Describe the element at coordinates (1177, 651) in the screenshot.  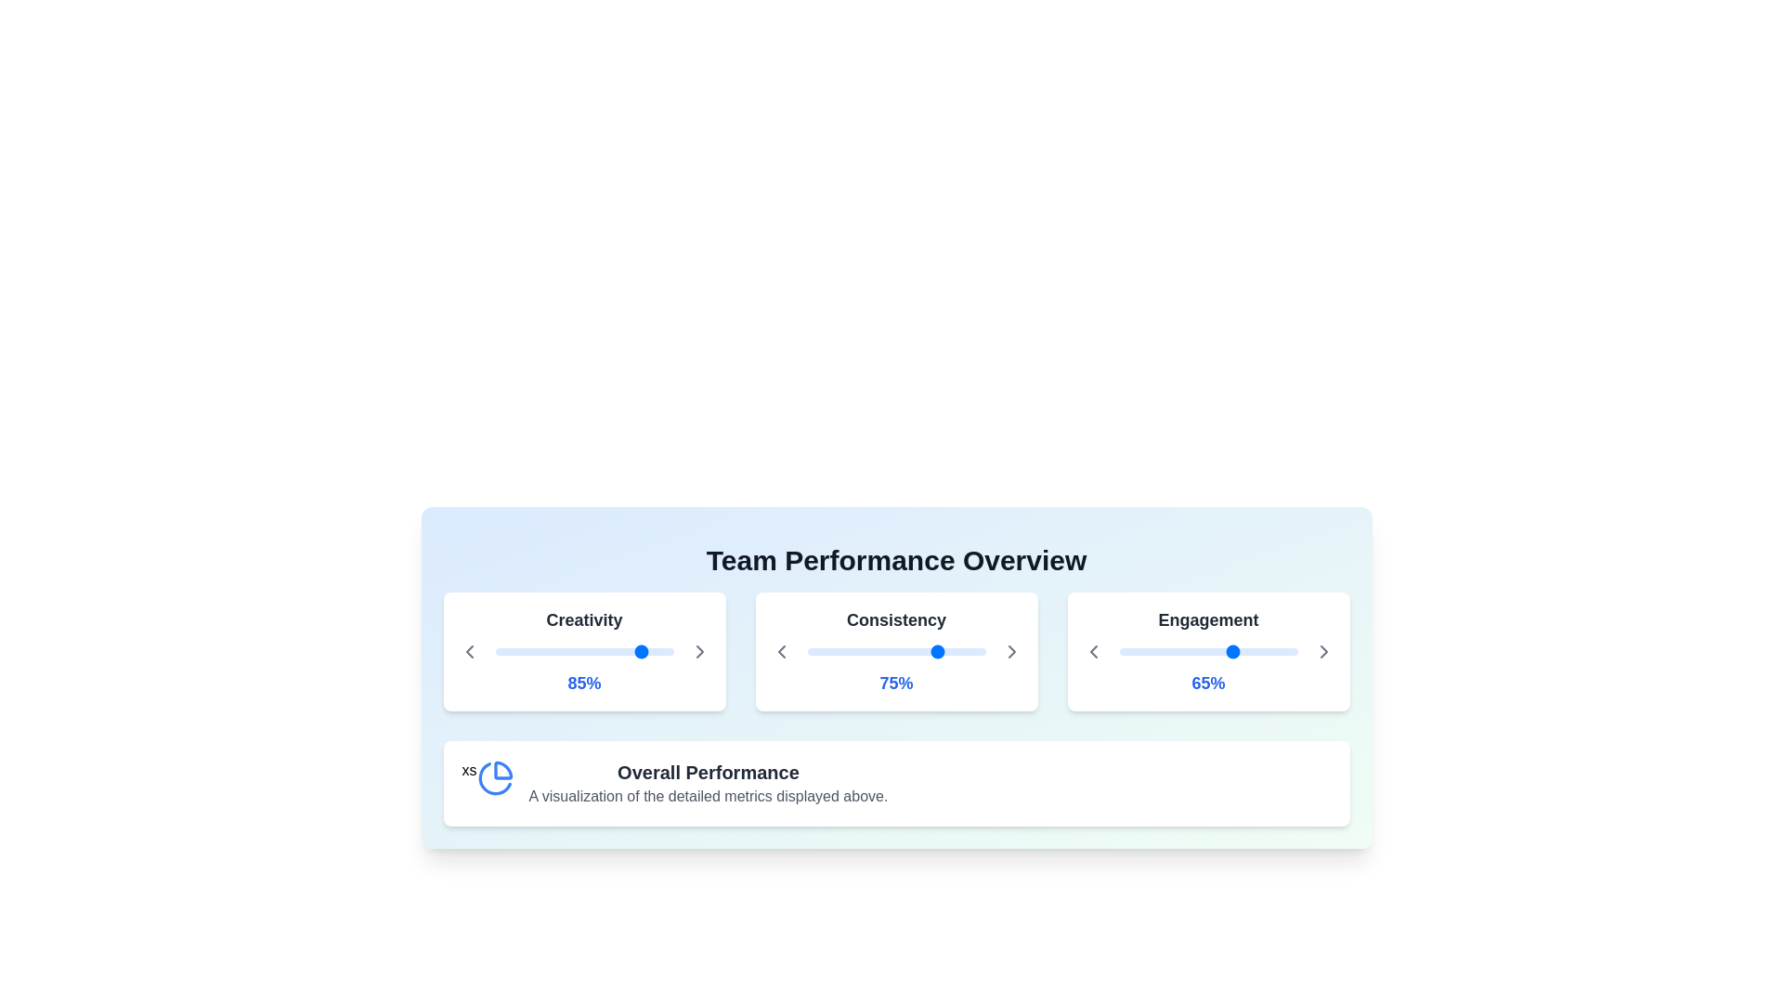
I see `the engagement value` at that location.